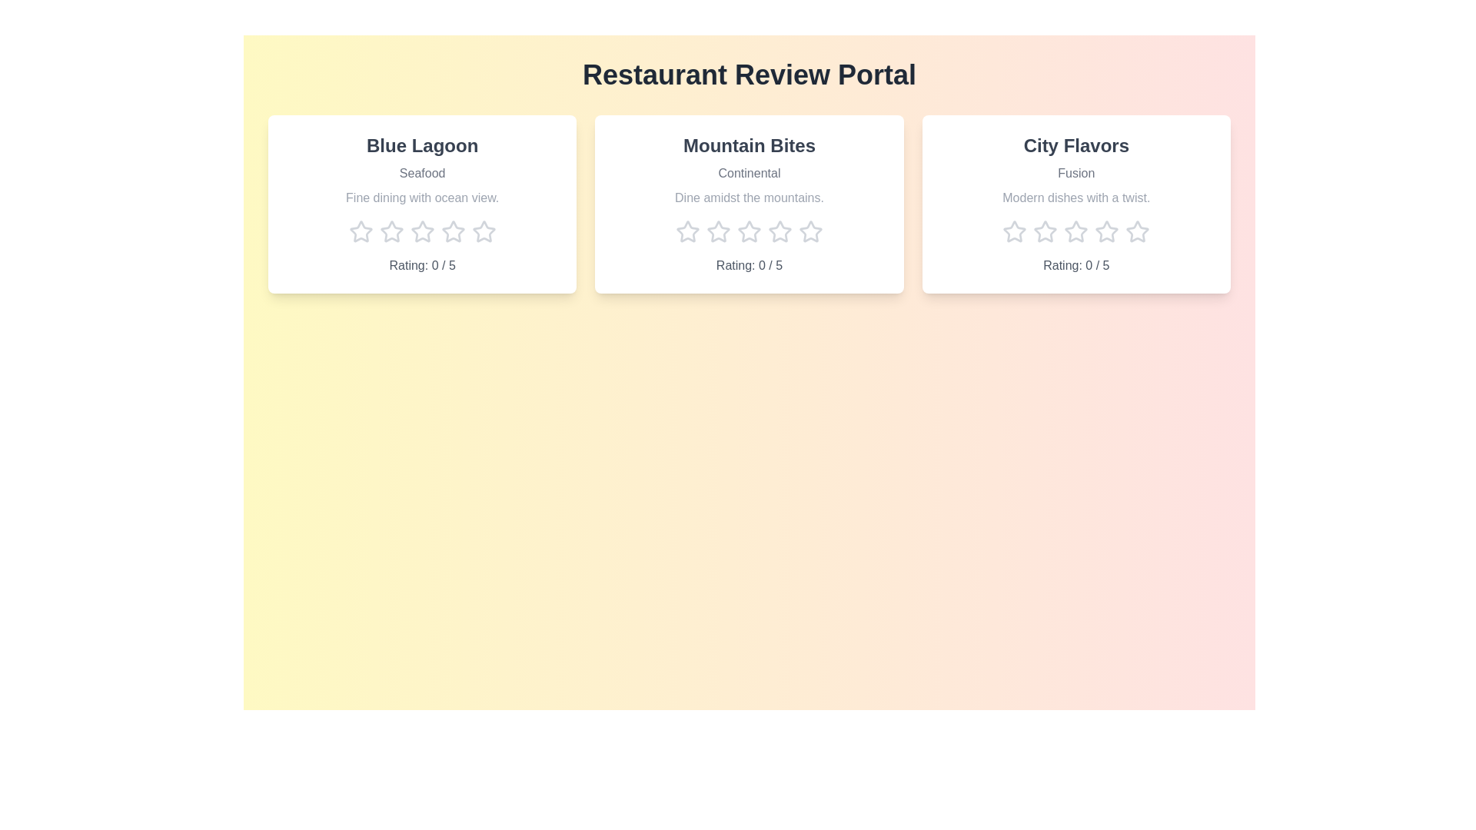 Image resolution: width=1476 pixels, height=830 pixels. What do you see at coordinates (391, 231) in the screenshot?
I see `the star corresponding to 2 stars for the 'Blue Lagoon' restaurant` at bounding box center [391, 231].